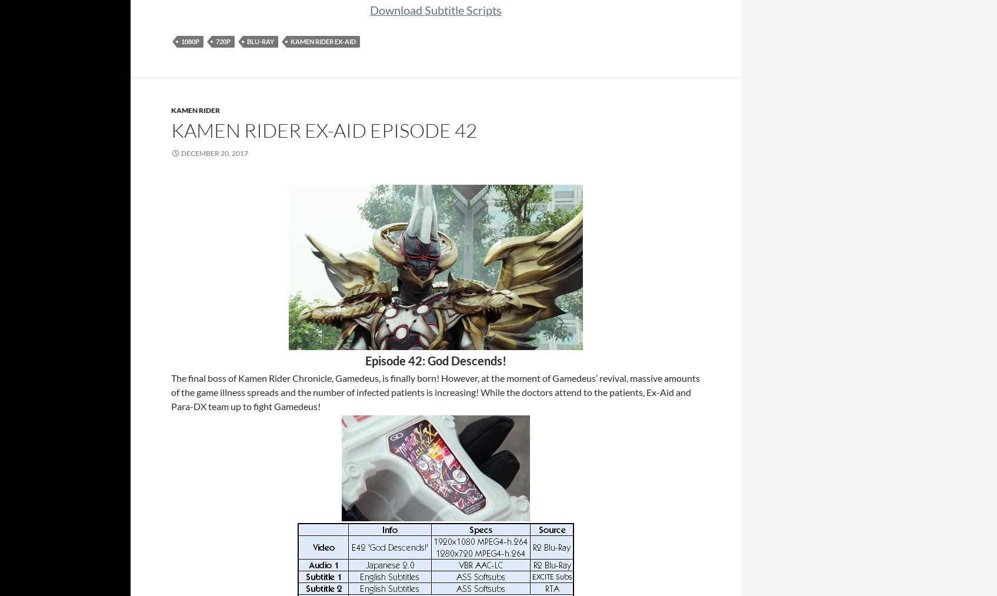  Describe the element at coordinates (323, 41) in the screenshot. I see `'Kamen Rider Ex-Aid'` at that location.